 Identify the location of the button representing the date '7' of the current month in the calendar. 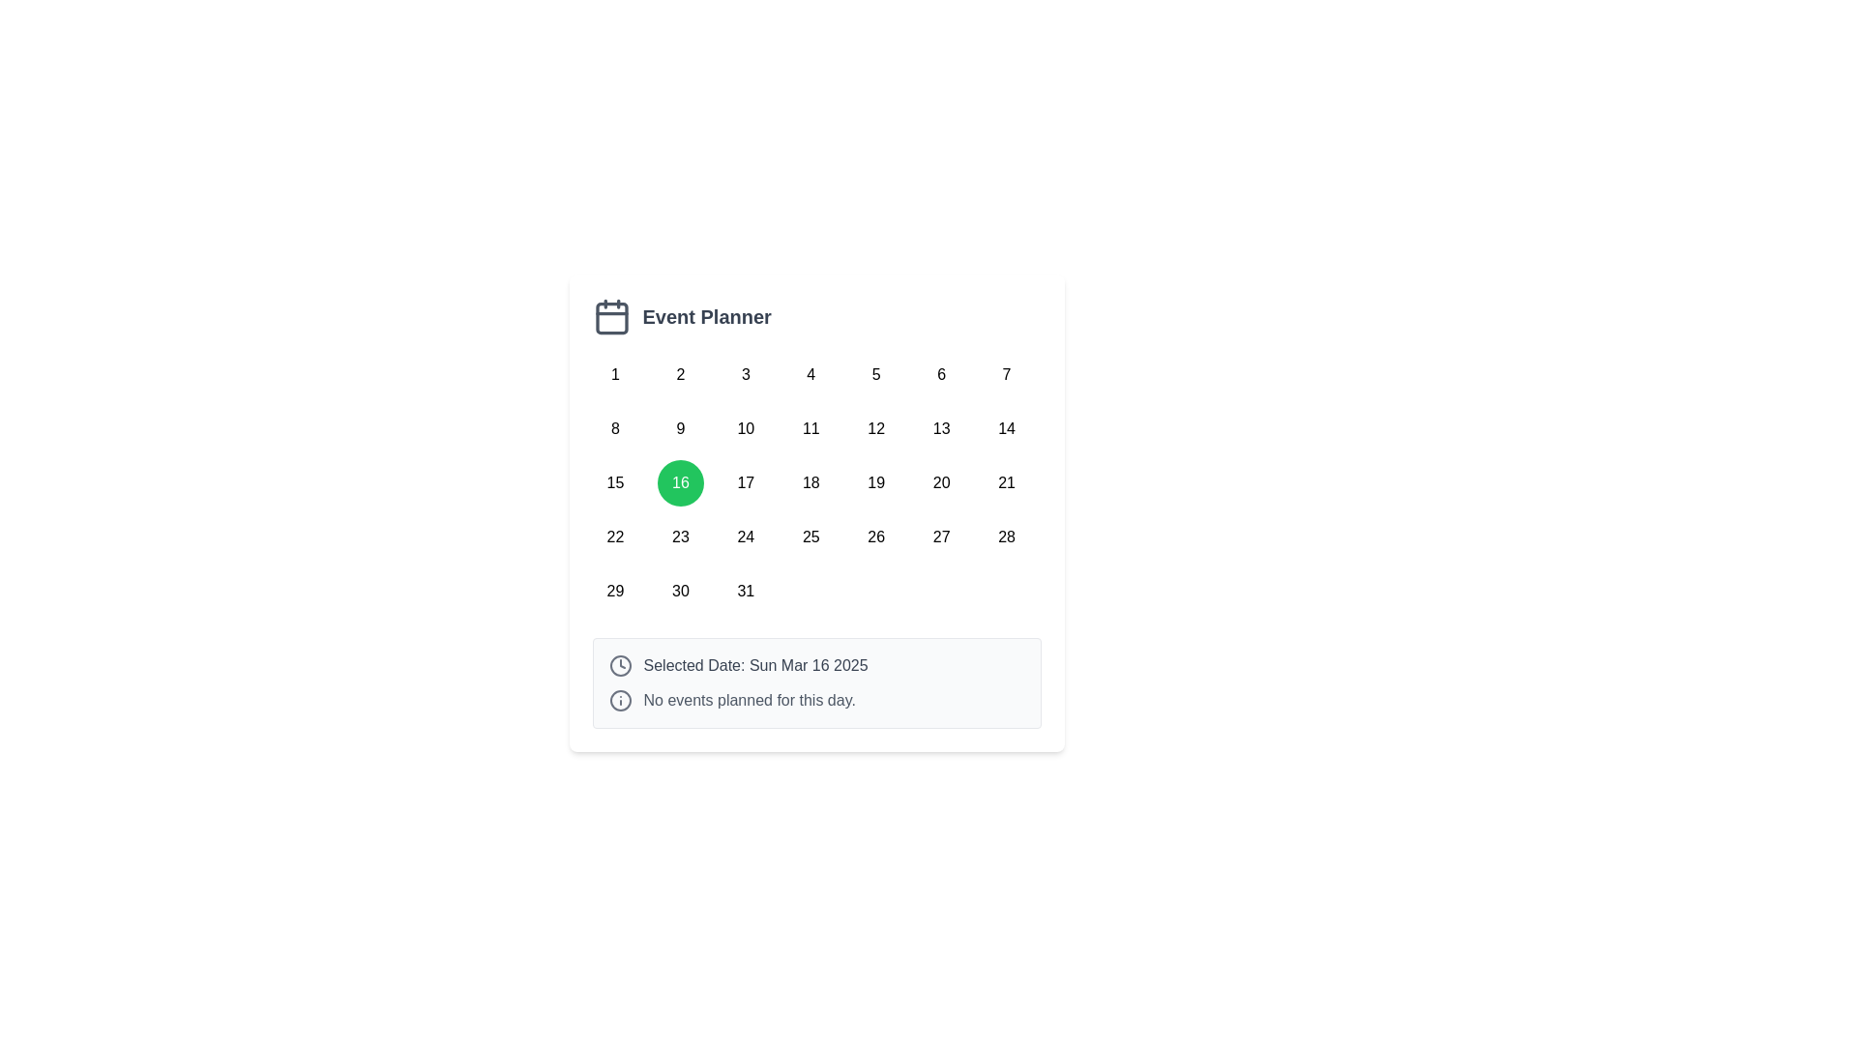
(1006, 375).